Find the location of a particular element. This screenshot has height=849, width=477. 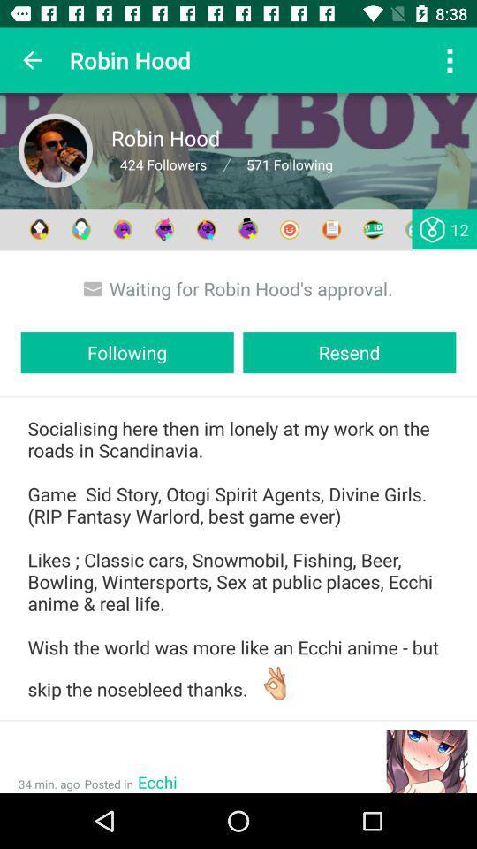

the ninth icon from the  nine icons is located at coordinates (372, 228).